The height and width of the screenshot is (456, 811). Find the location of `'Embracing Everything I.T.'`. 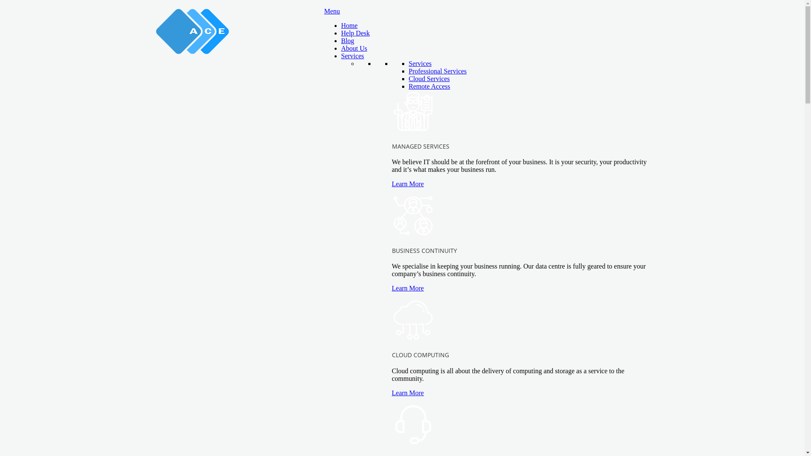

'Embracing Everything I.T.' is located at coordinates (155, 30).